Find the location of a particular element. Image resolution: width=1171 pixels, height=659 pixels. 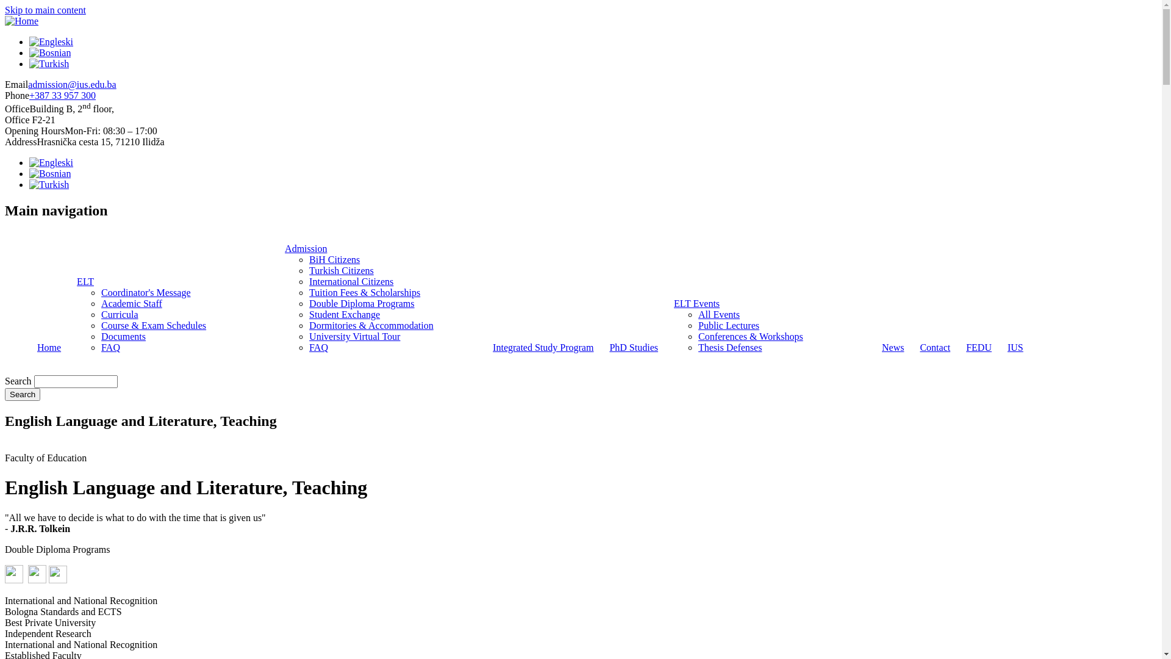

'Public Lectures' is located at coordinates (729, 325).